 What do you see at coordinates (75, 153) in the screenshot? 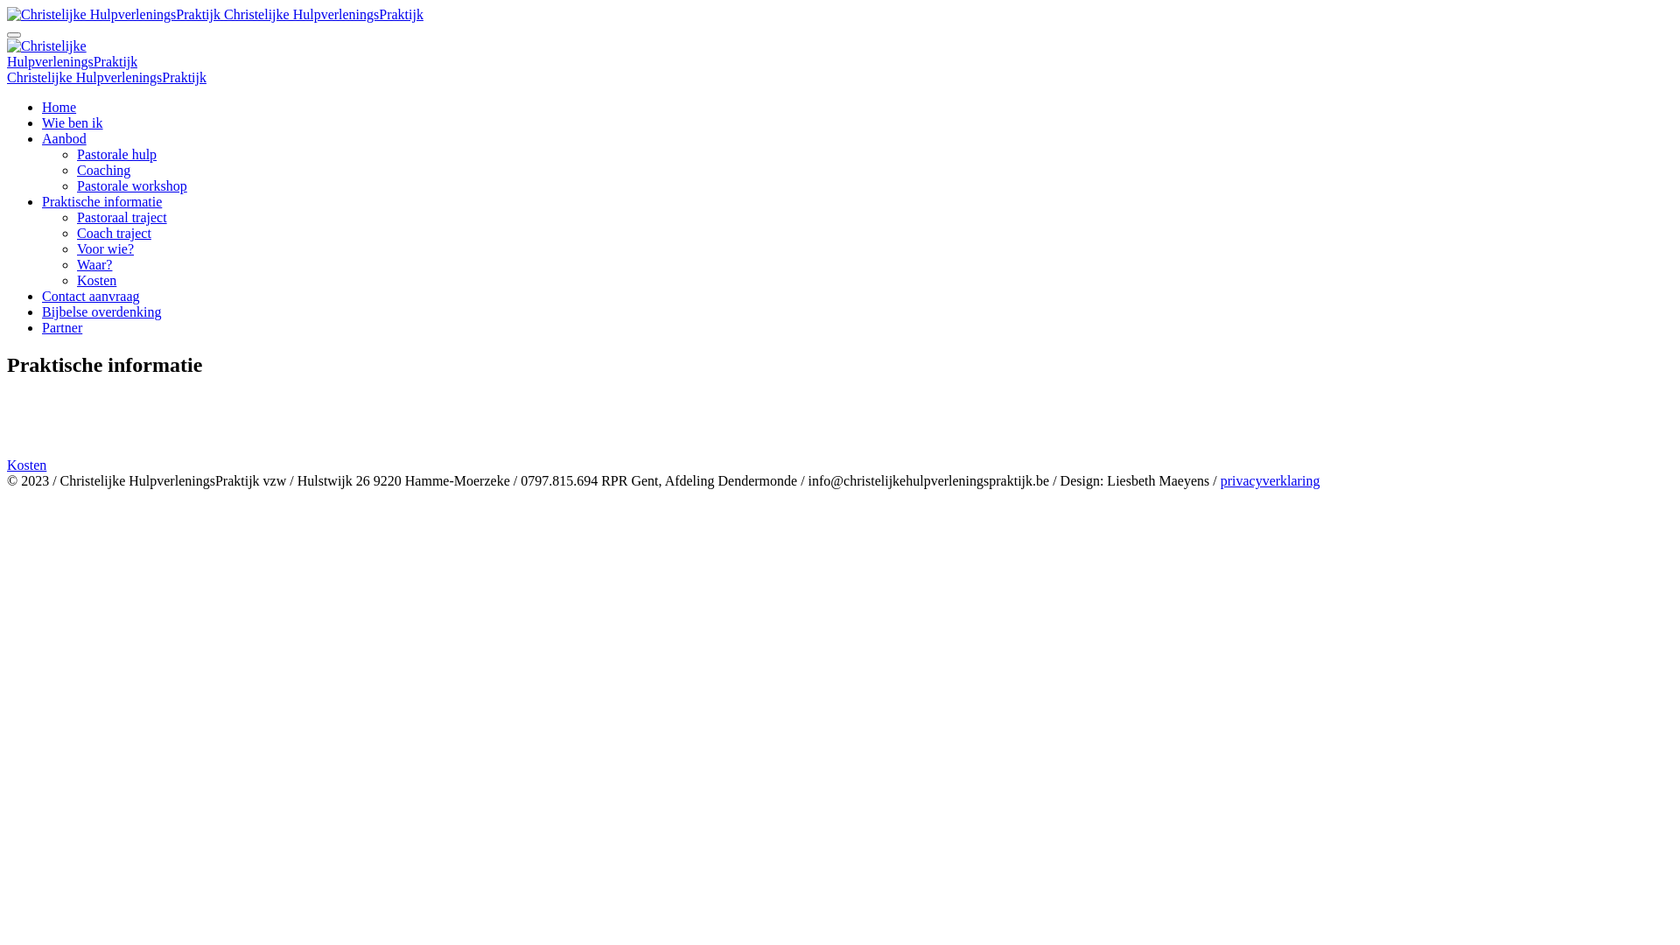
I see `'Pastorale hulp'` at bounding box center [75, 153].